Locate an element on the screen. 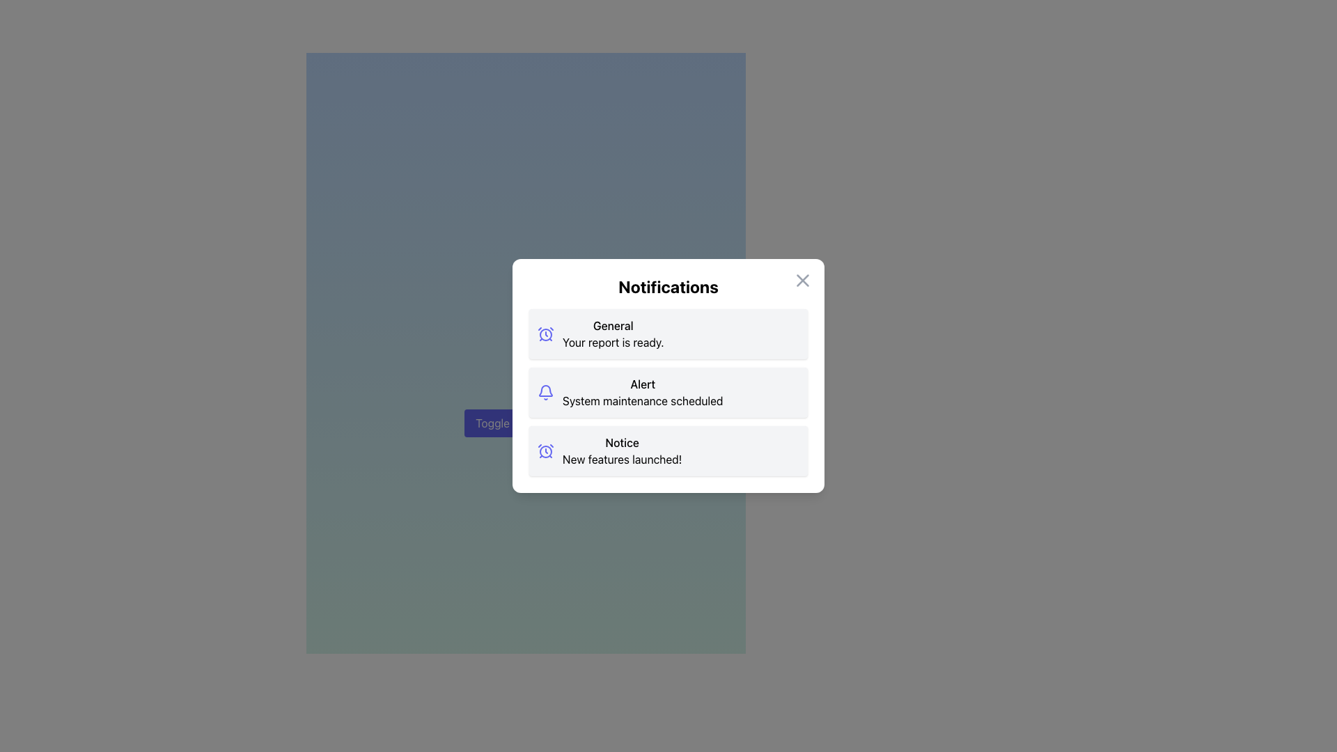 The width and height of the screenshot is (1337, 752). notification titled 'Alert' with the description 'System maintenance scheduled' from the second item in the vertical list of notifications in the notification dialog is located at coordinates (642, 392).